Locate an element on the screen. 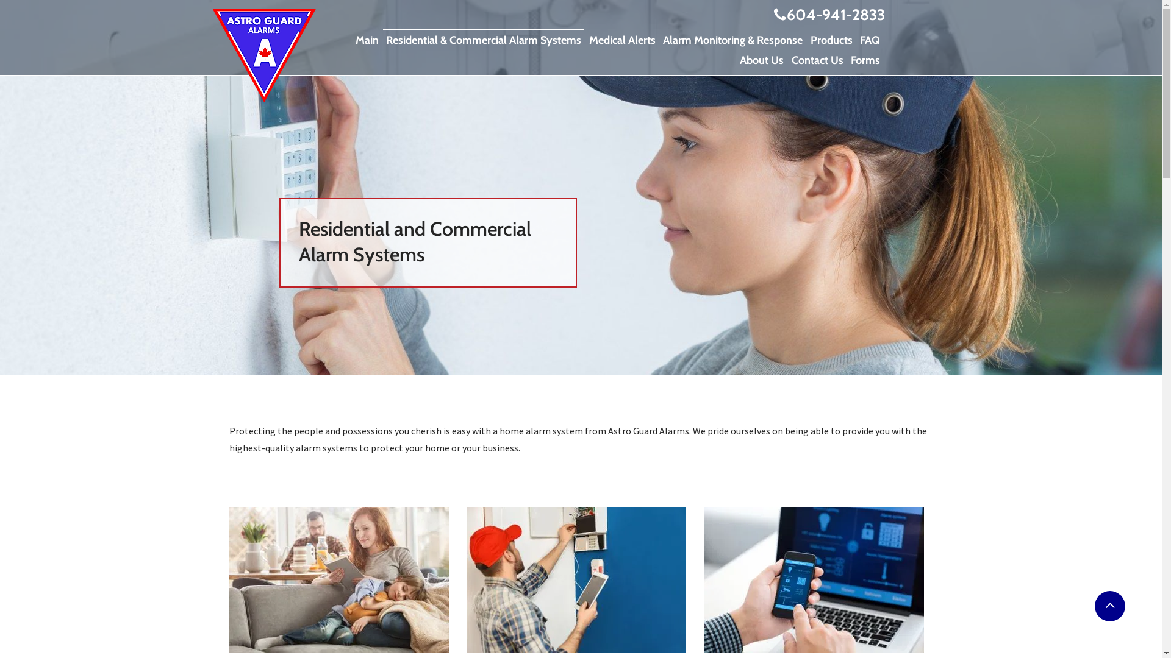 This screenshot has height=658, width=1171. 'Main' is located at coordinates (351, 38).